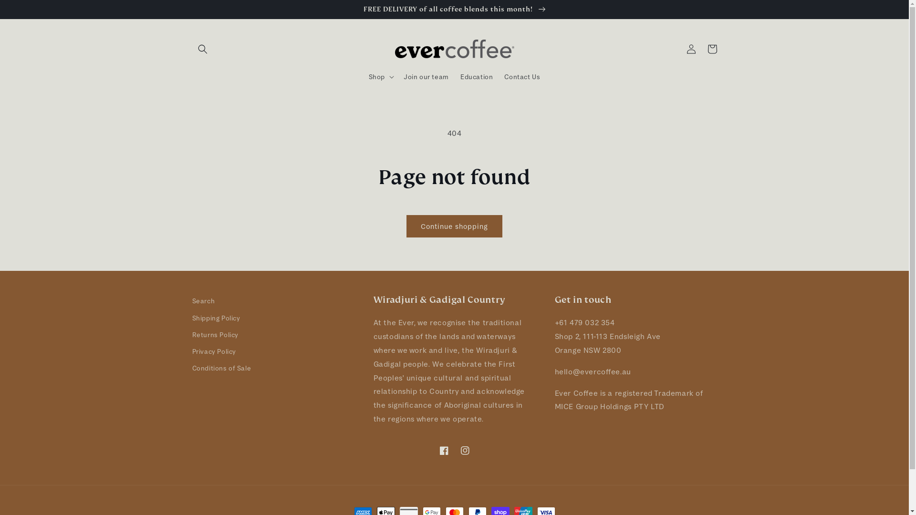 The image size is (916, 515). Describe the element at coordinates (454, 9) in the screenshot. I see `'FREE DELIVERY of all coffee blends this month!'` at that location.